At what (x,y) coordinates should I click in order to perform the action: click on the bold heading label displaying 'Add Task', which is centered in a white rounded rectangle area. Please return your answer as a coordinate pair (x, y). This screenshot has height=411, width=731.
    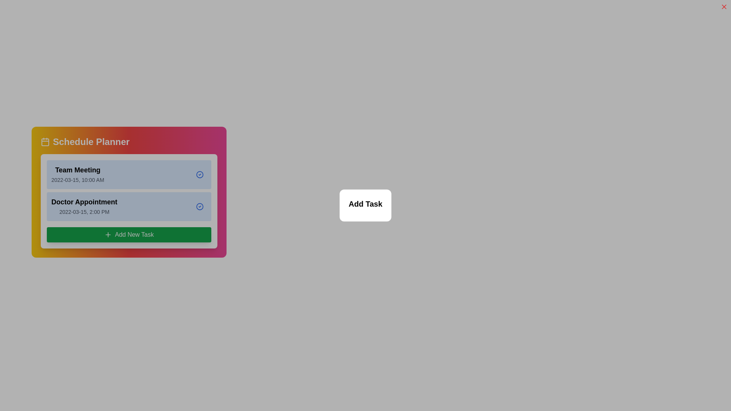
    Looking at the image, I should click on (365, 204).